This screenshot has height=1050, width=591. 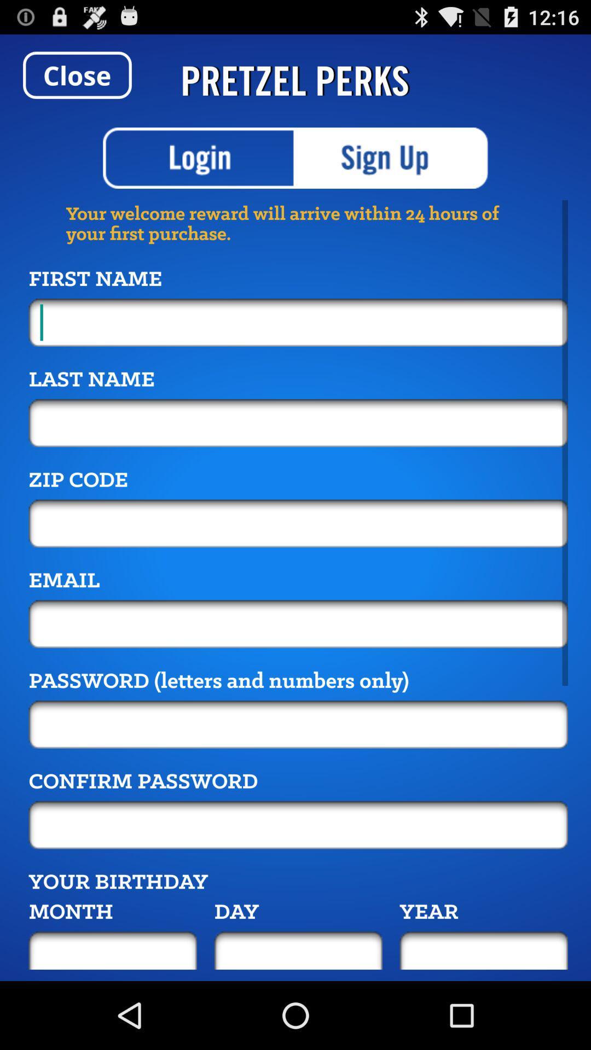 I want to click on account sign-up, so click(x=391, y=157).